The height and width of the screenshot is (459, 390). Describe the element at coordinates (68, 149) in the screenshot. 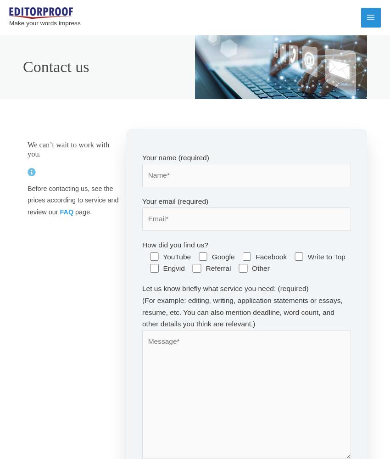

I see `'We can’t wait to work with you.'` at that location.